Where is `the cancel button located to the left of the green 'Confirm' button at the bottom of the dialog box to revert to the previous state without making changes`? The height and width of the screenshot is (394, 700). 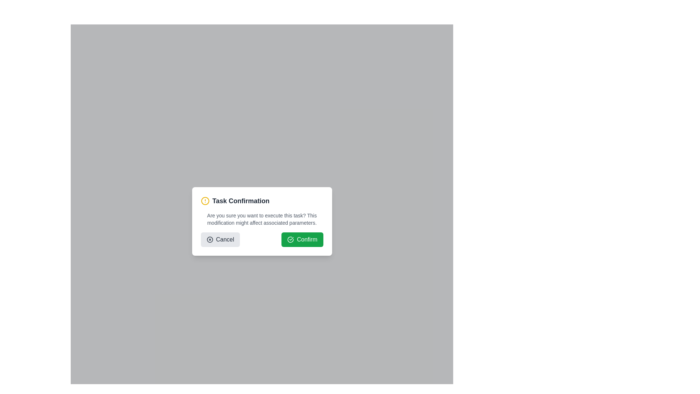
the cancel button located to the left of the green 'Confirm' button at the bottom of the dialog box to revert to the previous state without making changes is located at coordinates (220, 239).